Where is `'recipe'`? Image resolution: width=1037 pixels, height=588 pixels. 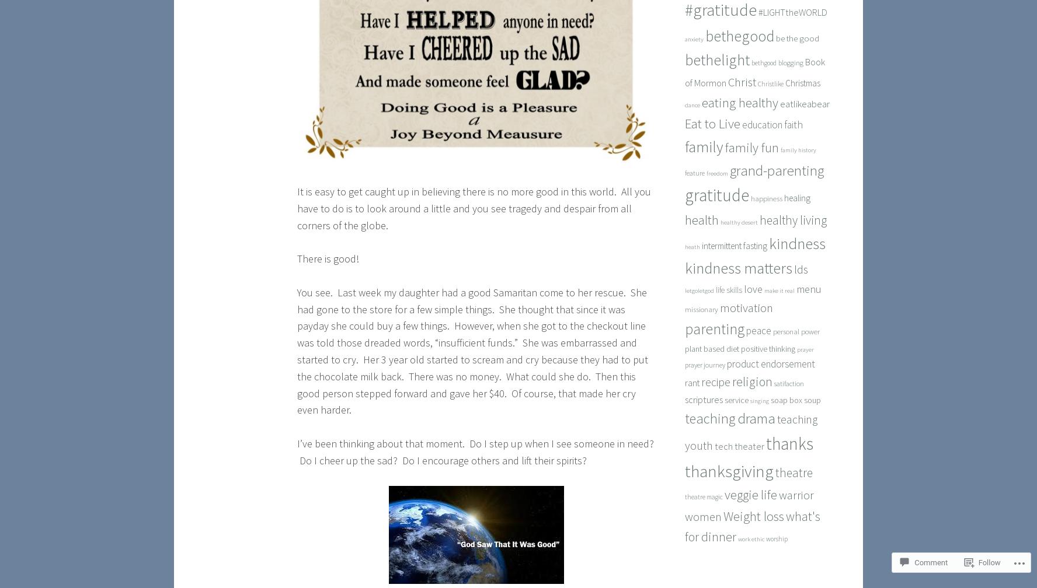
'recipe' is located at coordinates (715, 381).